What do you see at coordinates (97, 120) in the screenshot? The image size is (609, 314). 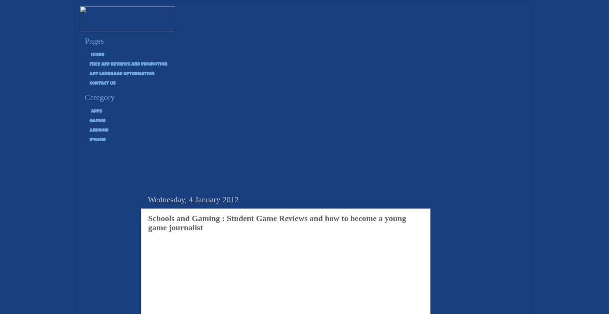 I see `'Games'` at bounding box center [97, 120].